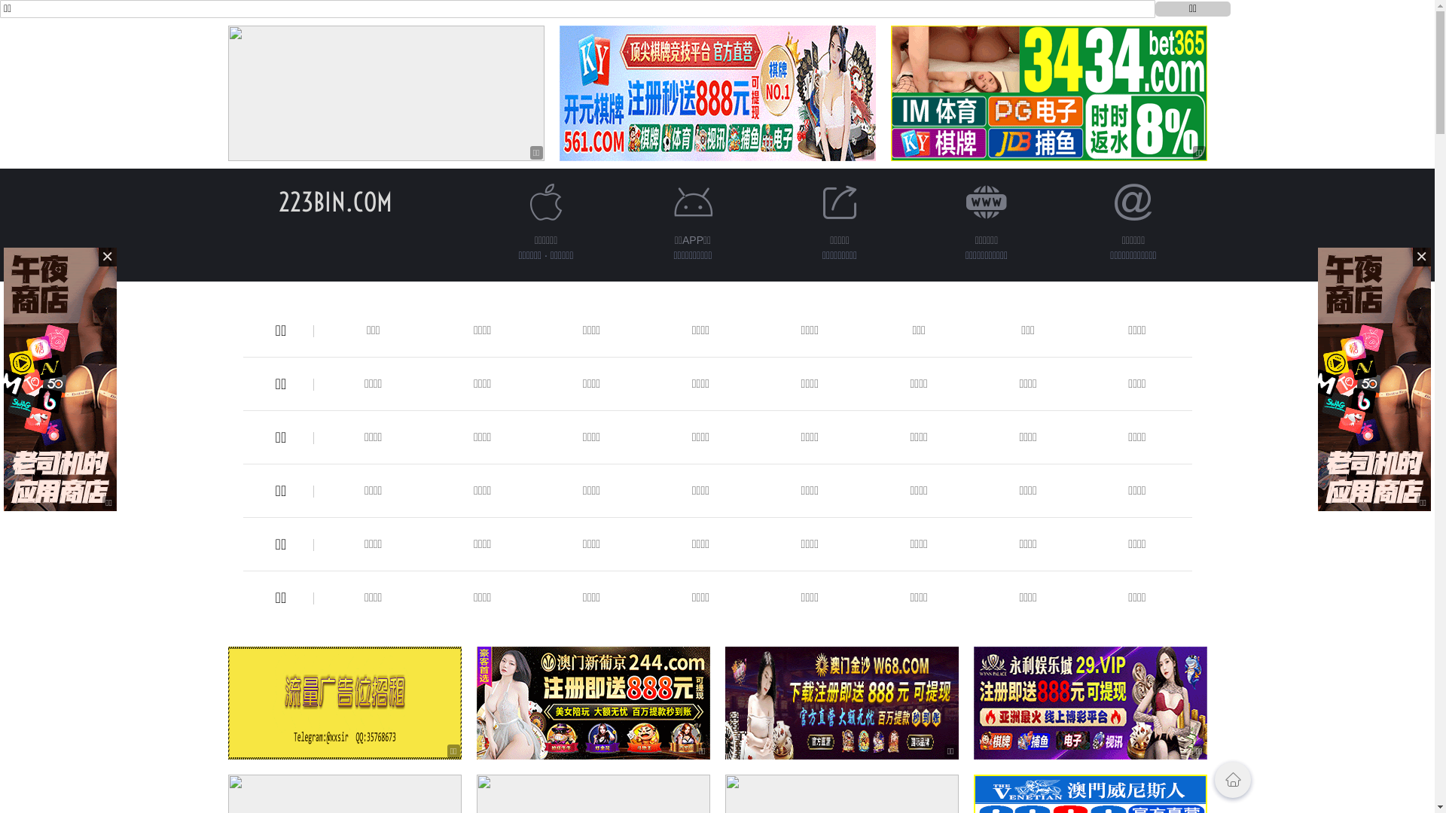 Image resolution: width=1446 pixels, height=813 pixels. I want to click on '223BIN.COM', so click(334, 201).